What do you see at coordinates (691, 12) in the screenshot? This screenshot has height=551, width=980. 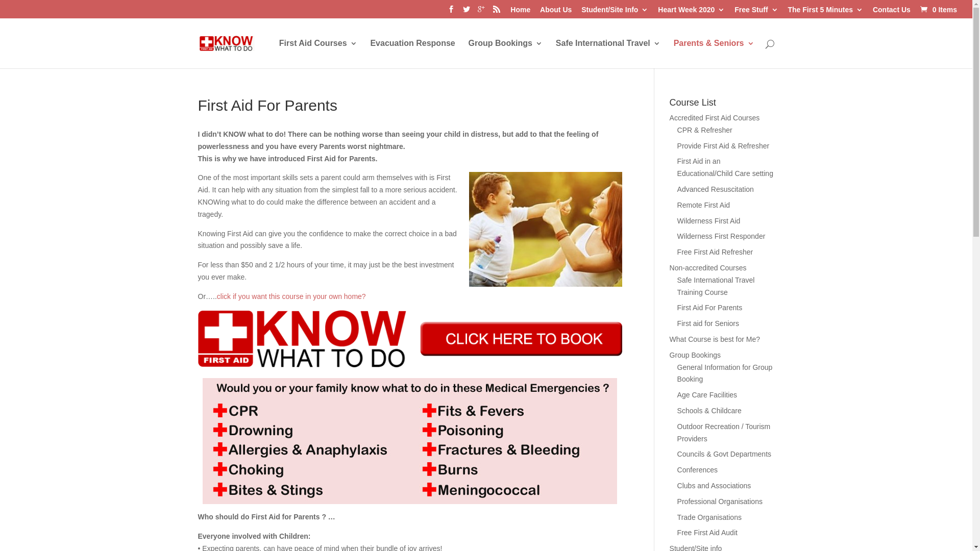 I see `'Heart Week 2020'` at bounding box center [691, 12].